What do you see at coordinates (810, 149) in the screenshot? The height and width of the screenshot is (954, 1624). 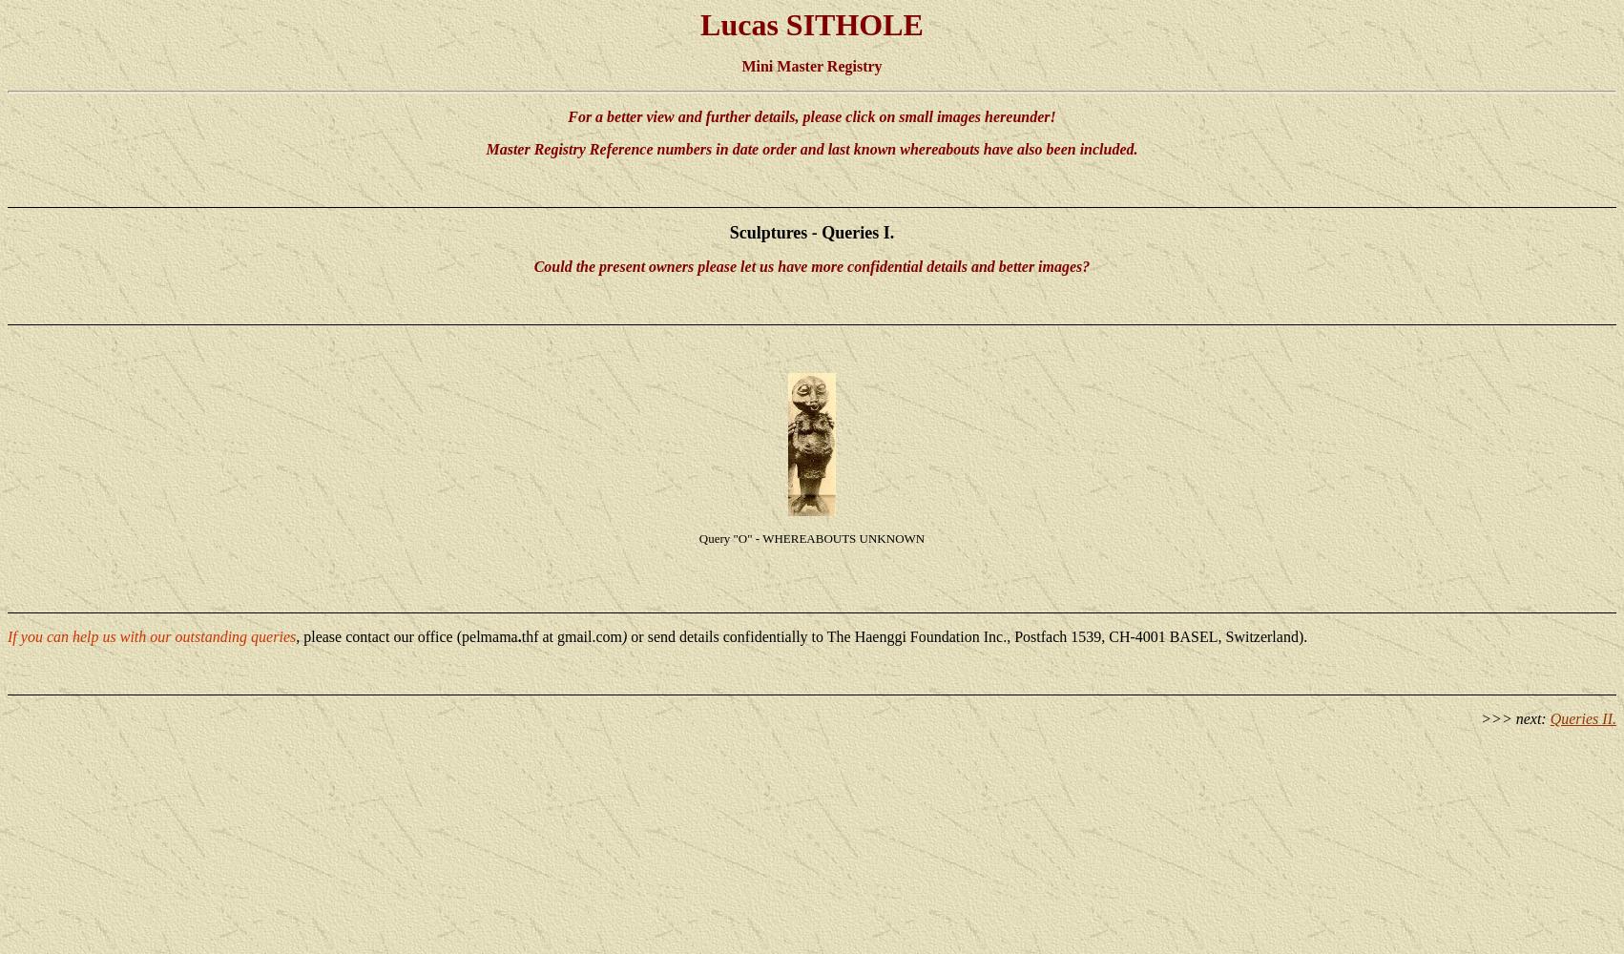 I see `'Master Registry Reference 
	numbers in date order and last known whereabouts have also been included.'` at bounding box center [810, 149].